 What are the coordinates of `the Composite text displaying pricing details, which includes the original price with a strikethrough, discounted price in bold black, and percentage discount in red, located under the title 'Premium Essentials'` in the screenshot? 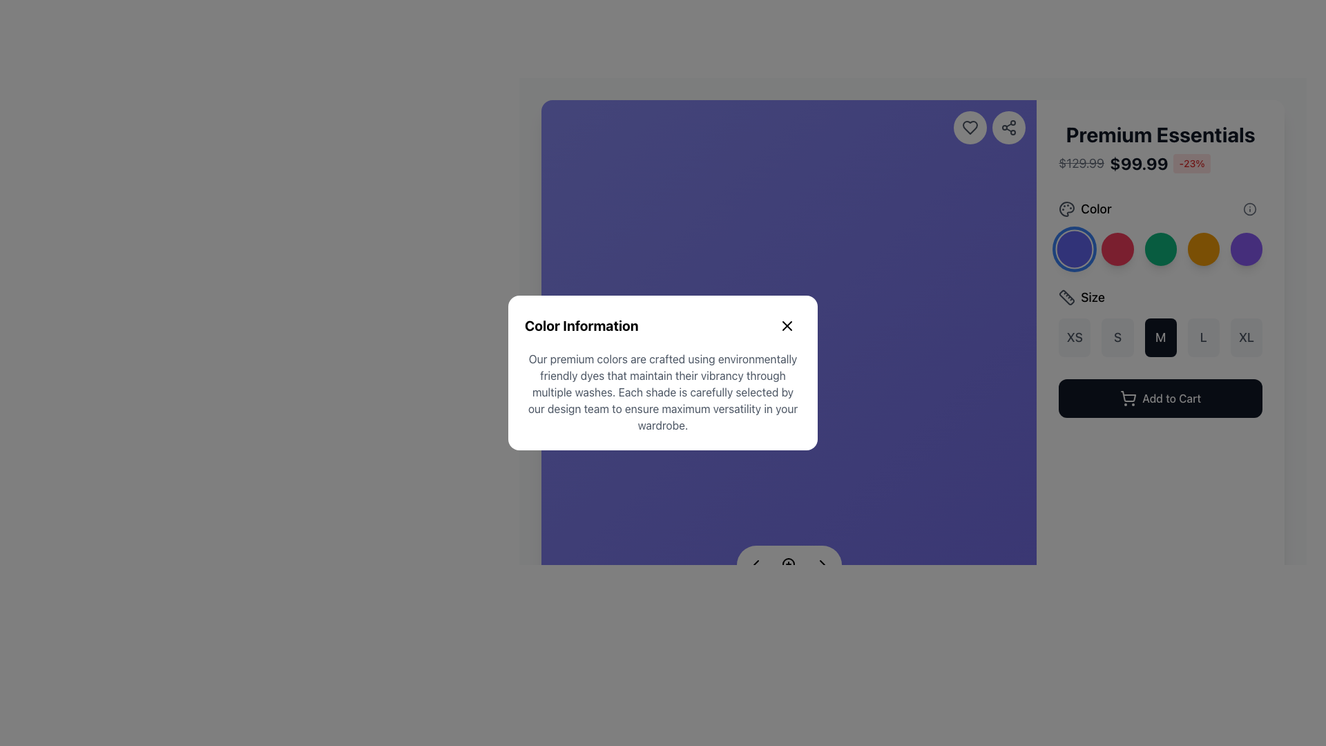 It's located at (1160, 162).